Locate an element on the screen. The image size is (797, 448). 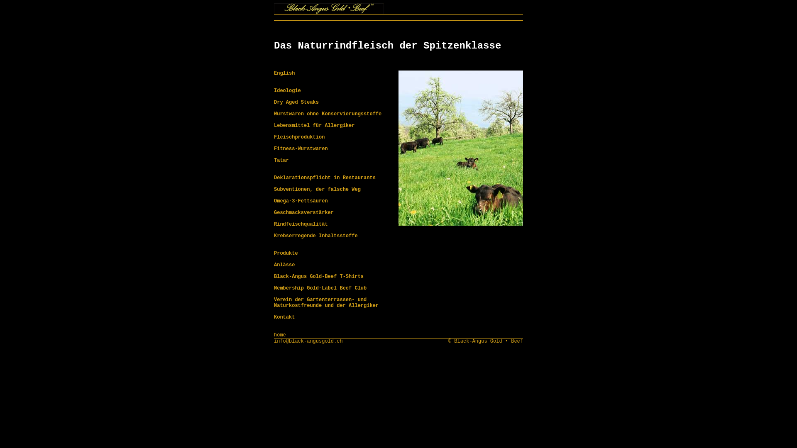
'English' is located at coordinates (284, 73).